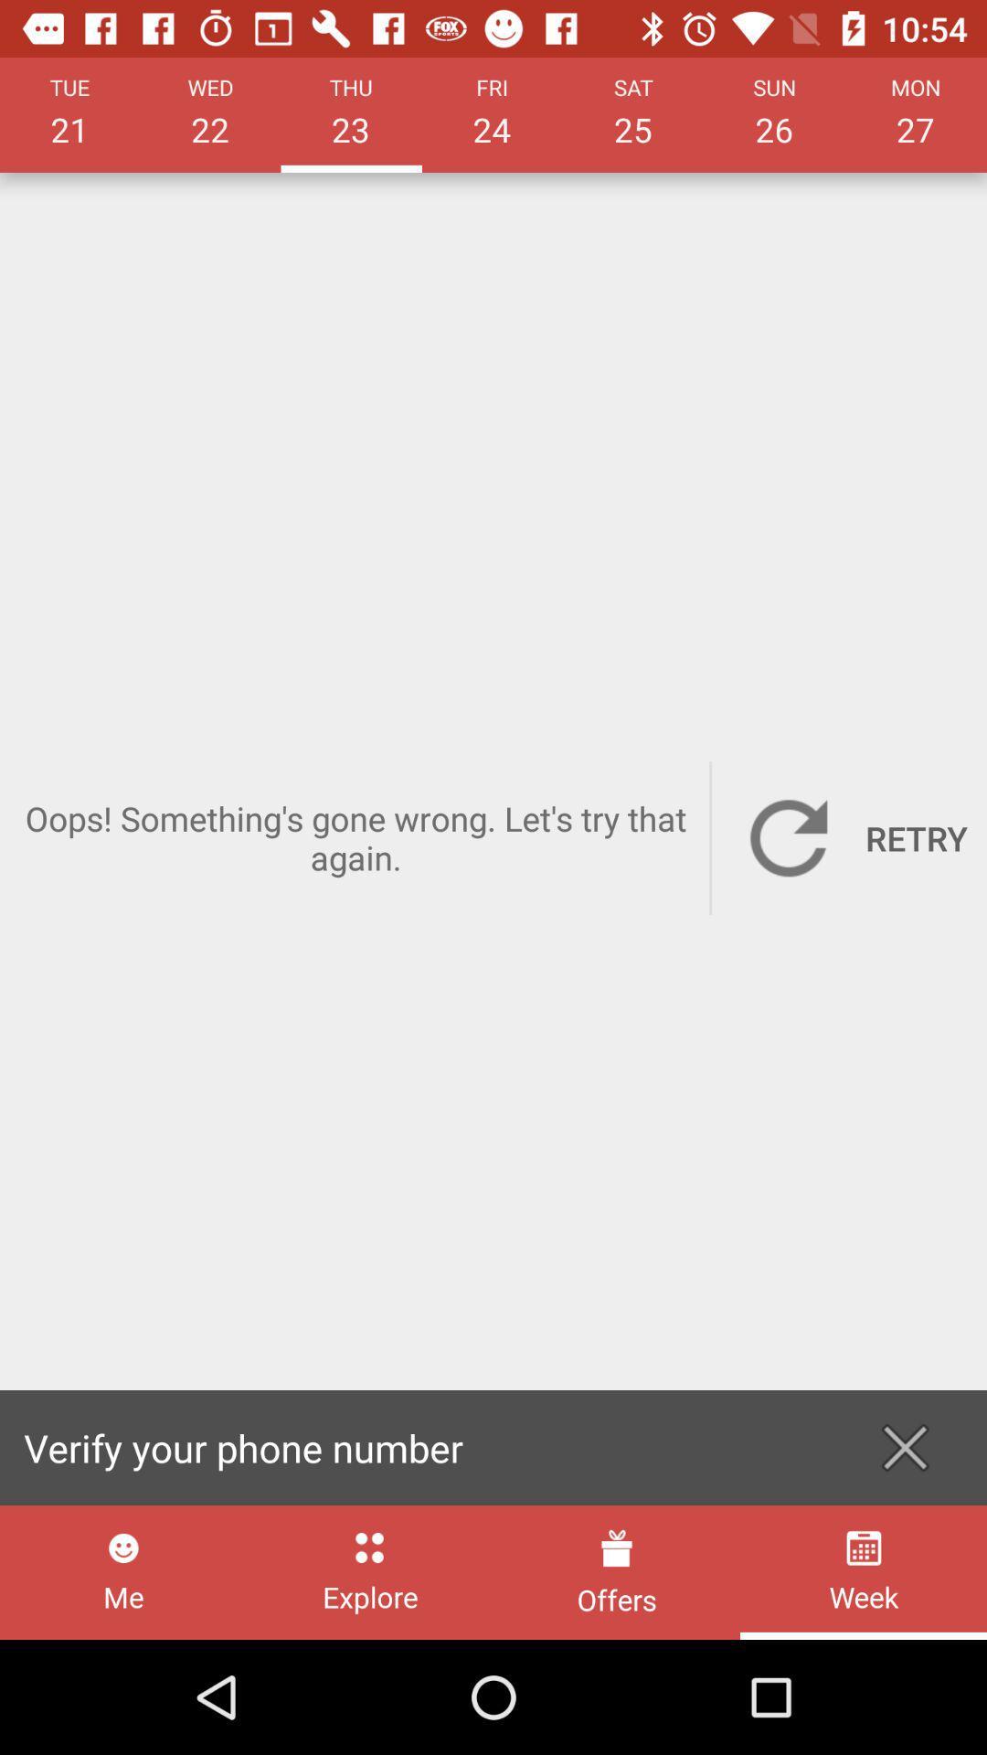  Describe the element at coordinates (370, 1571) in the screenshot. I see `icon next to offers icon` at that location.